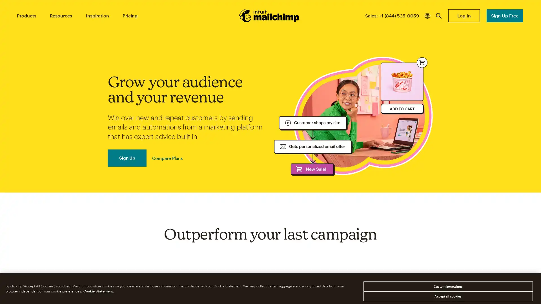 The image size is (541, 304). What do you see at coordinates (447, 296) in the screenshot?
I see `Accept all cookies` at bounding box center [447, 296].